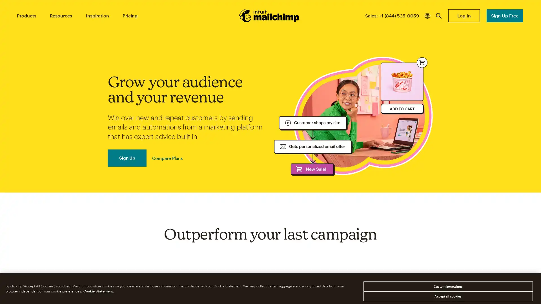 The image size is (541, 304). What do you see at coordinates (447, 296) in the screenshot?
I see `Accept all cookies` at bounding box center [447, 296].